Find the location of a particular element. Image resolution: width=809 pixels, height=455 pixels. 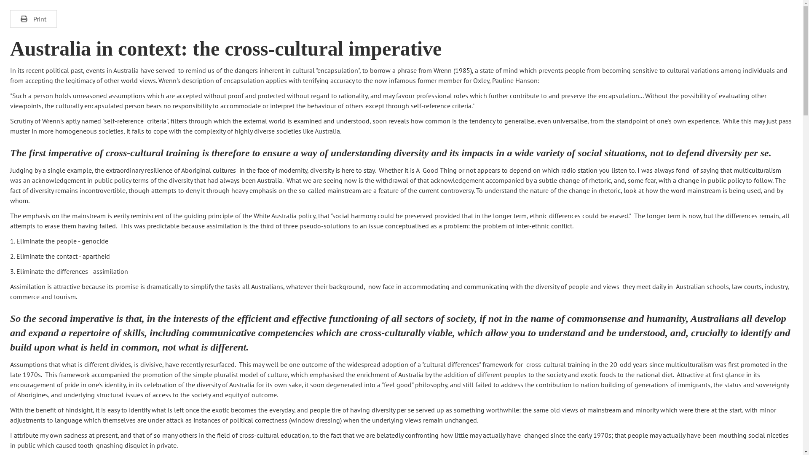

'Print' is located at coordinates (33, 19).